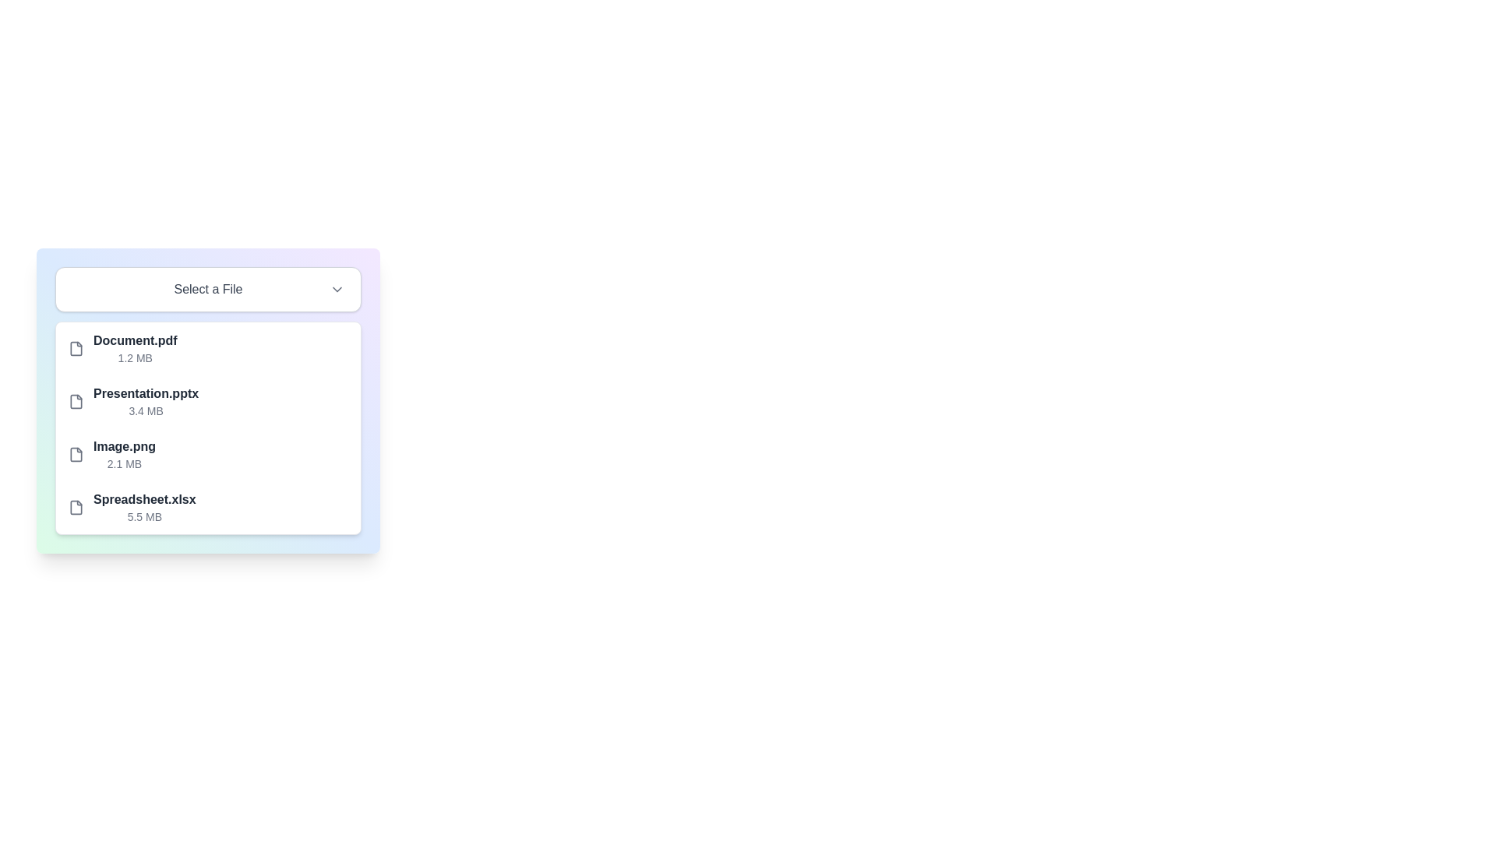 Image resolution: width=1496 pixels, height=841 pixels. I want to click on the second row entry in the file list UI component, so click(207, 401).